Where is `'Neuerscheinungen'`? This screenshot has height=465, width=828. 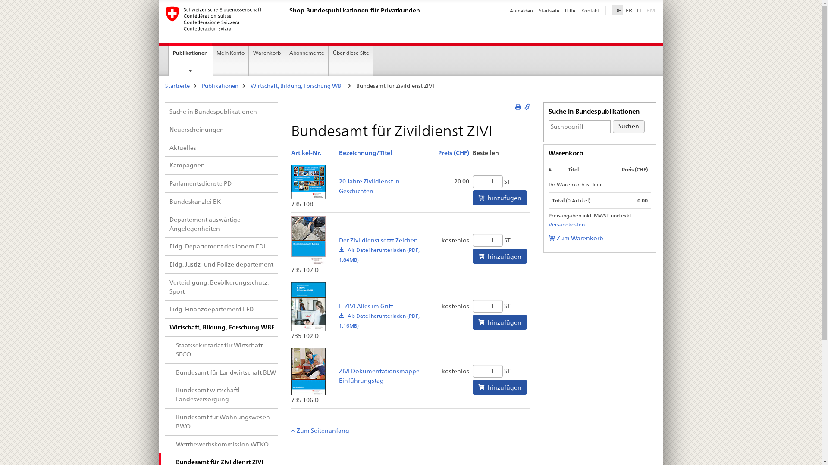 'Neuerscheinungen' is located at coordinates (221, 130).